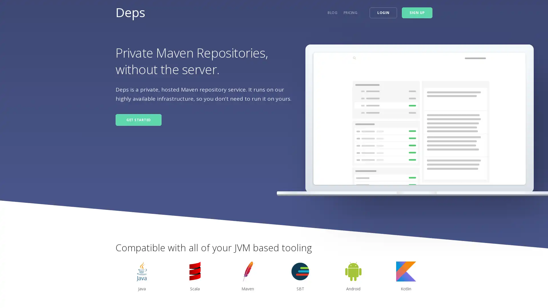 This screenshot has height=308, width=548. What do you see at coordinates (427, 277) in the screenshot?
I see `next` at bounding box center [427, 277].